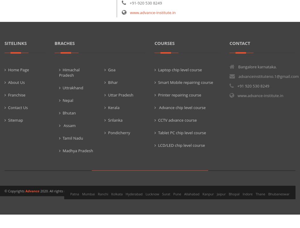 The width and height of the screenshot is (300, 228). I want to click on 'Indore', so click(247, 193).